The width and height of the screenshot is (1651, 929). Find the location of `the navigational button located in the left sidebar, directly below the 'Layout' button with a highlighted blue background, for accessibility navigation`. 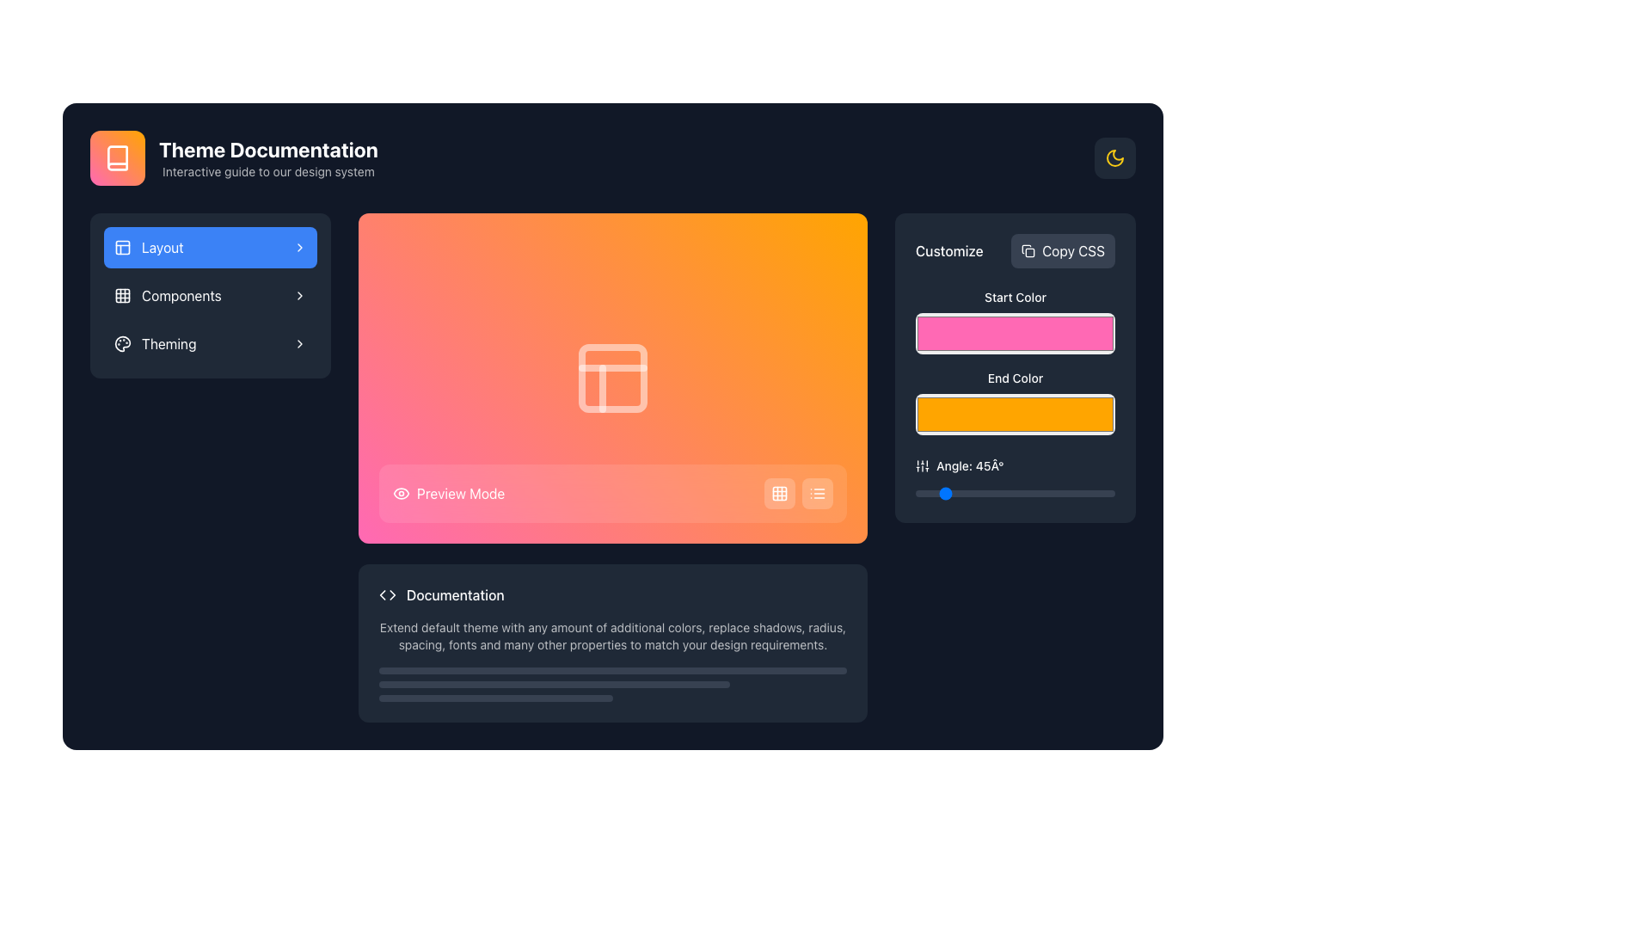

the navigational button located in the left sidebar, directly below the 'Layout' button with a highlighted blue background, for accessibility navigation is located at coordinates (209, 294).